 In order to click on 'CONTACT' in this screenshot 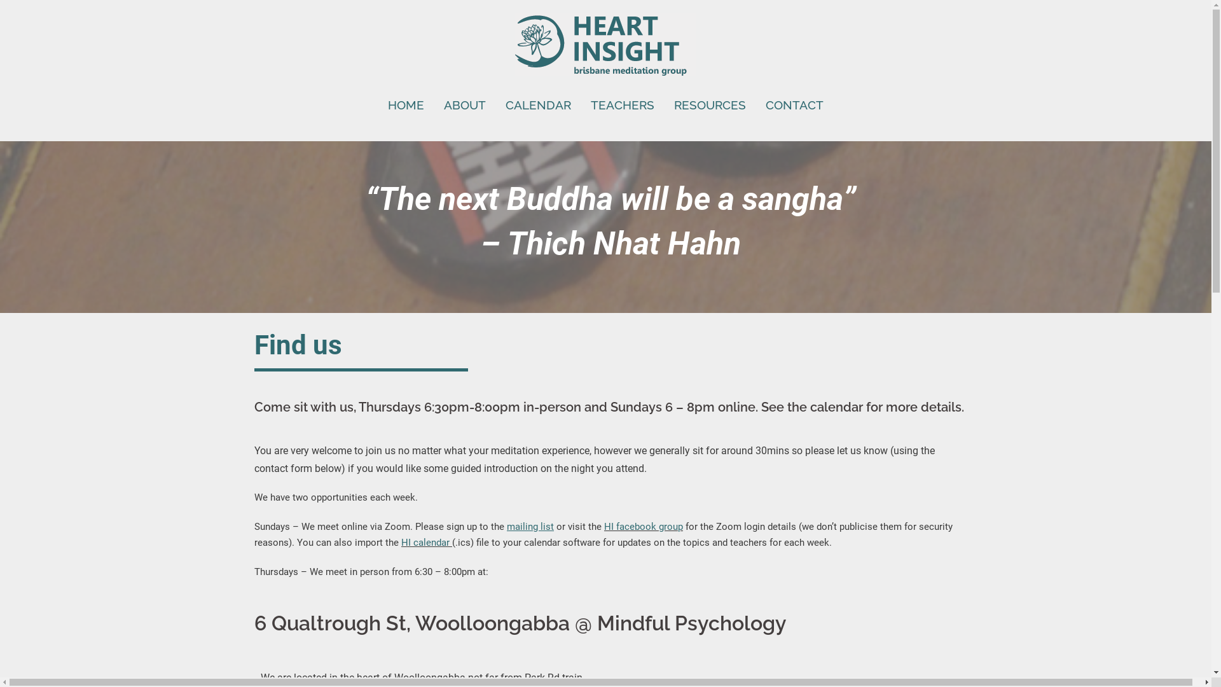, I will do `click(765, 104)`.